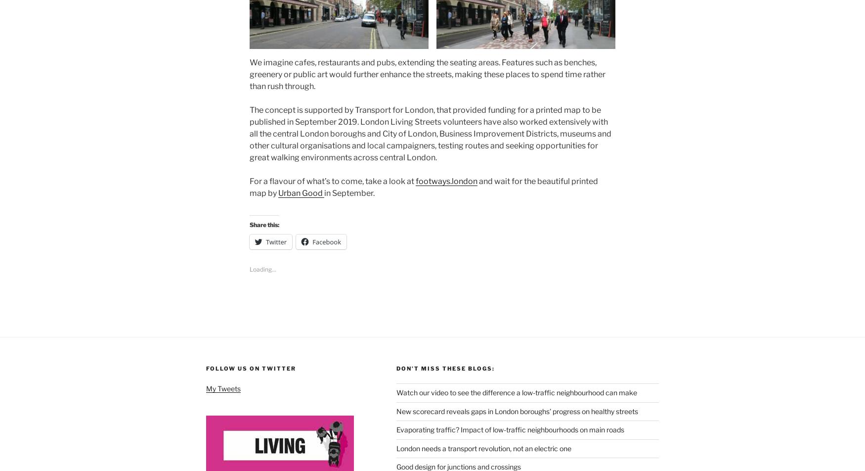 The width and height of the screenshot is (865, 471). Describe the element at coordinates (395, 445) in the screenshot. I see `'London needs a transport revolution, not an electric one'` at that location.